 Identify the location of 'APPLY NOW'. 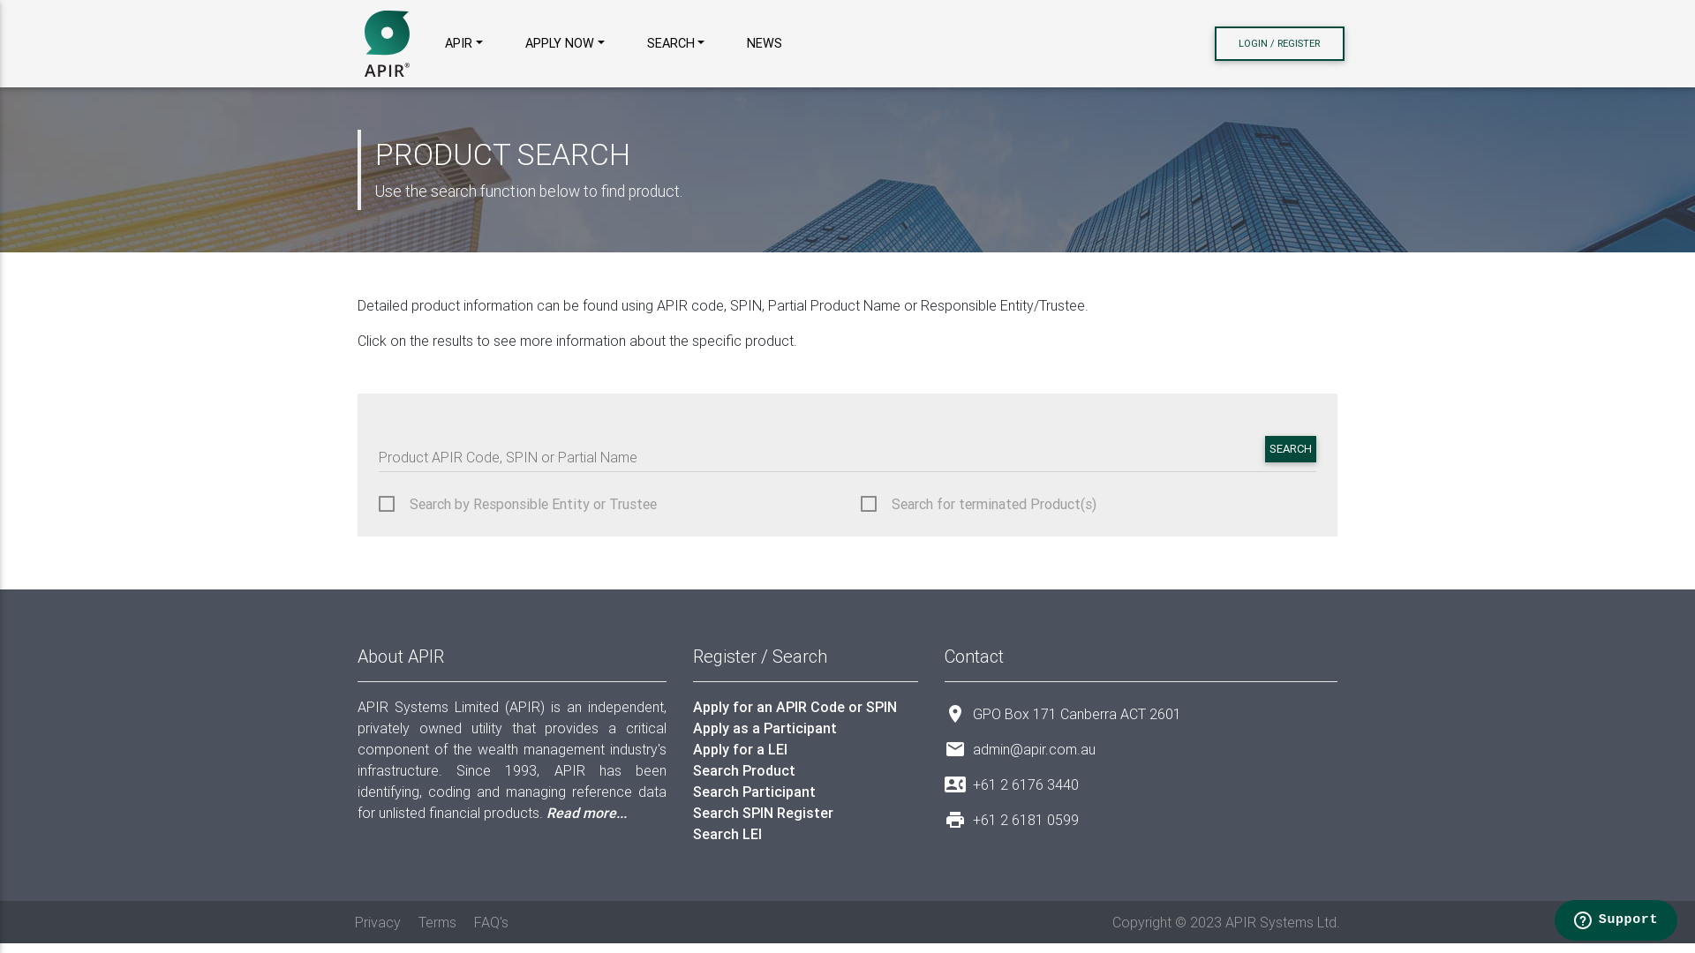
(563, 43).